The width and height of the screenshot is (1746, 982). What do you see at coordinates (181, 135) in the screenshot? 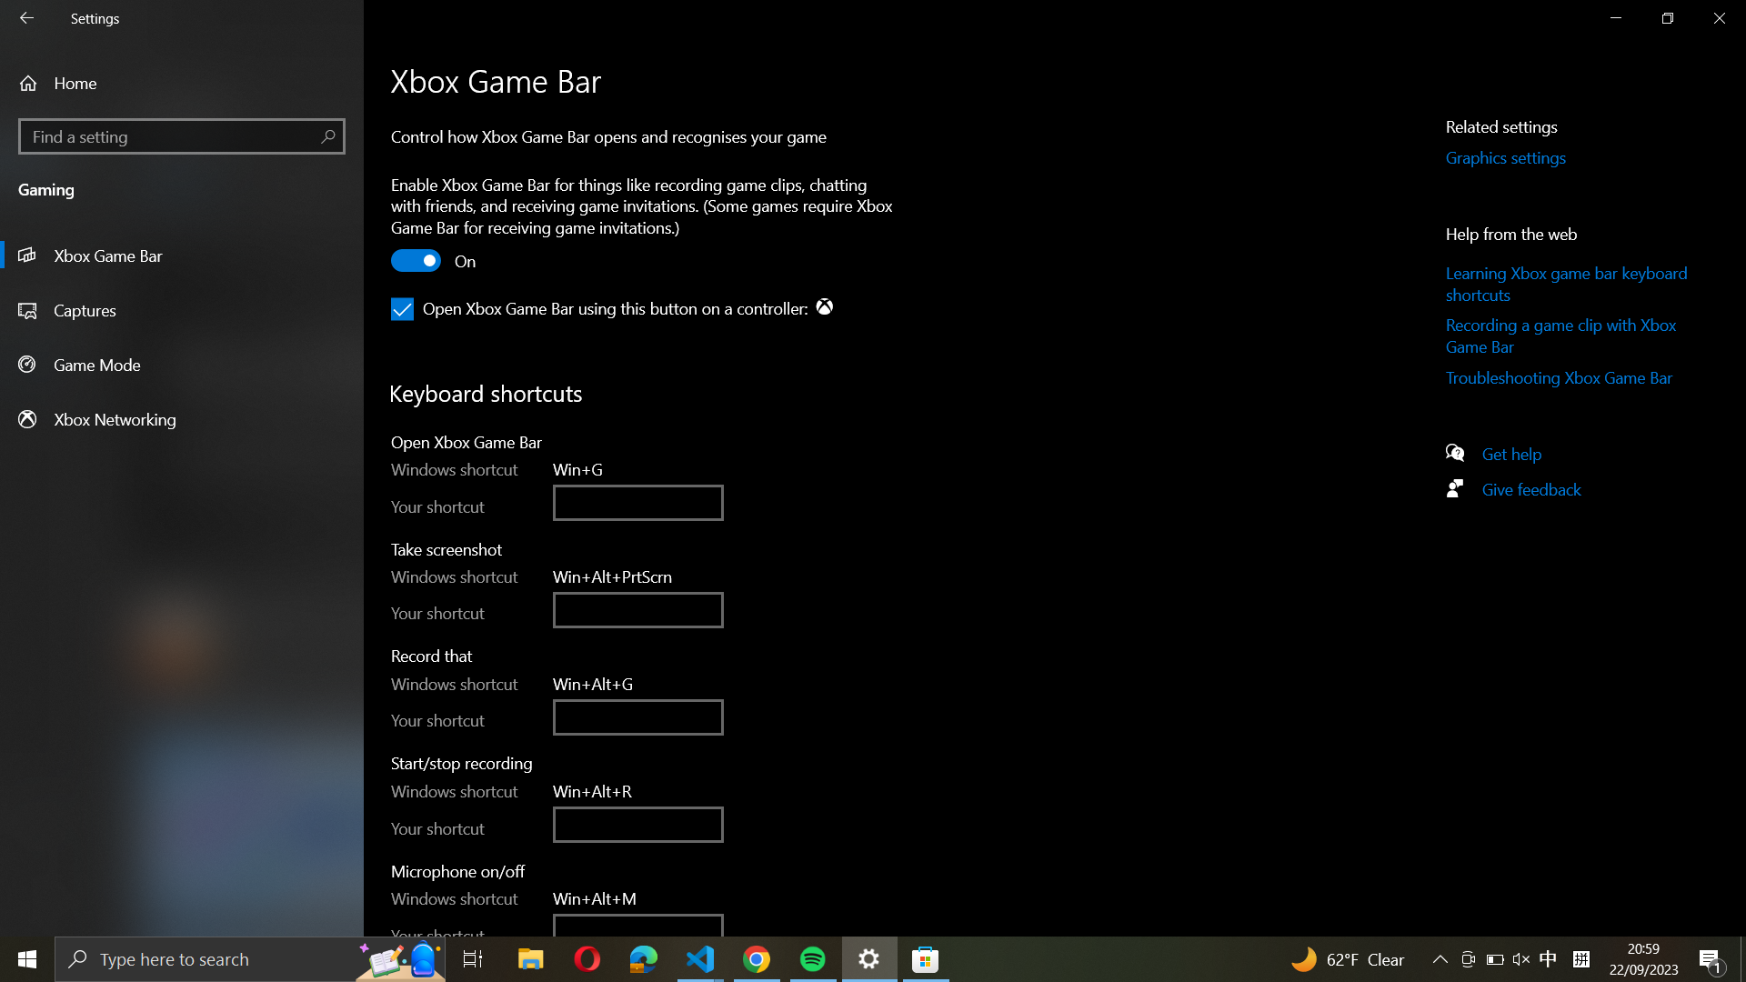
I see `the Find a Setting page` at bounding box center [181, 135].